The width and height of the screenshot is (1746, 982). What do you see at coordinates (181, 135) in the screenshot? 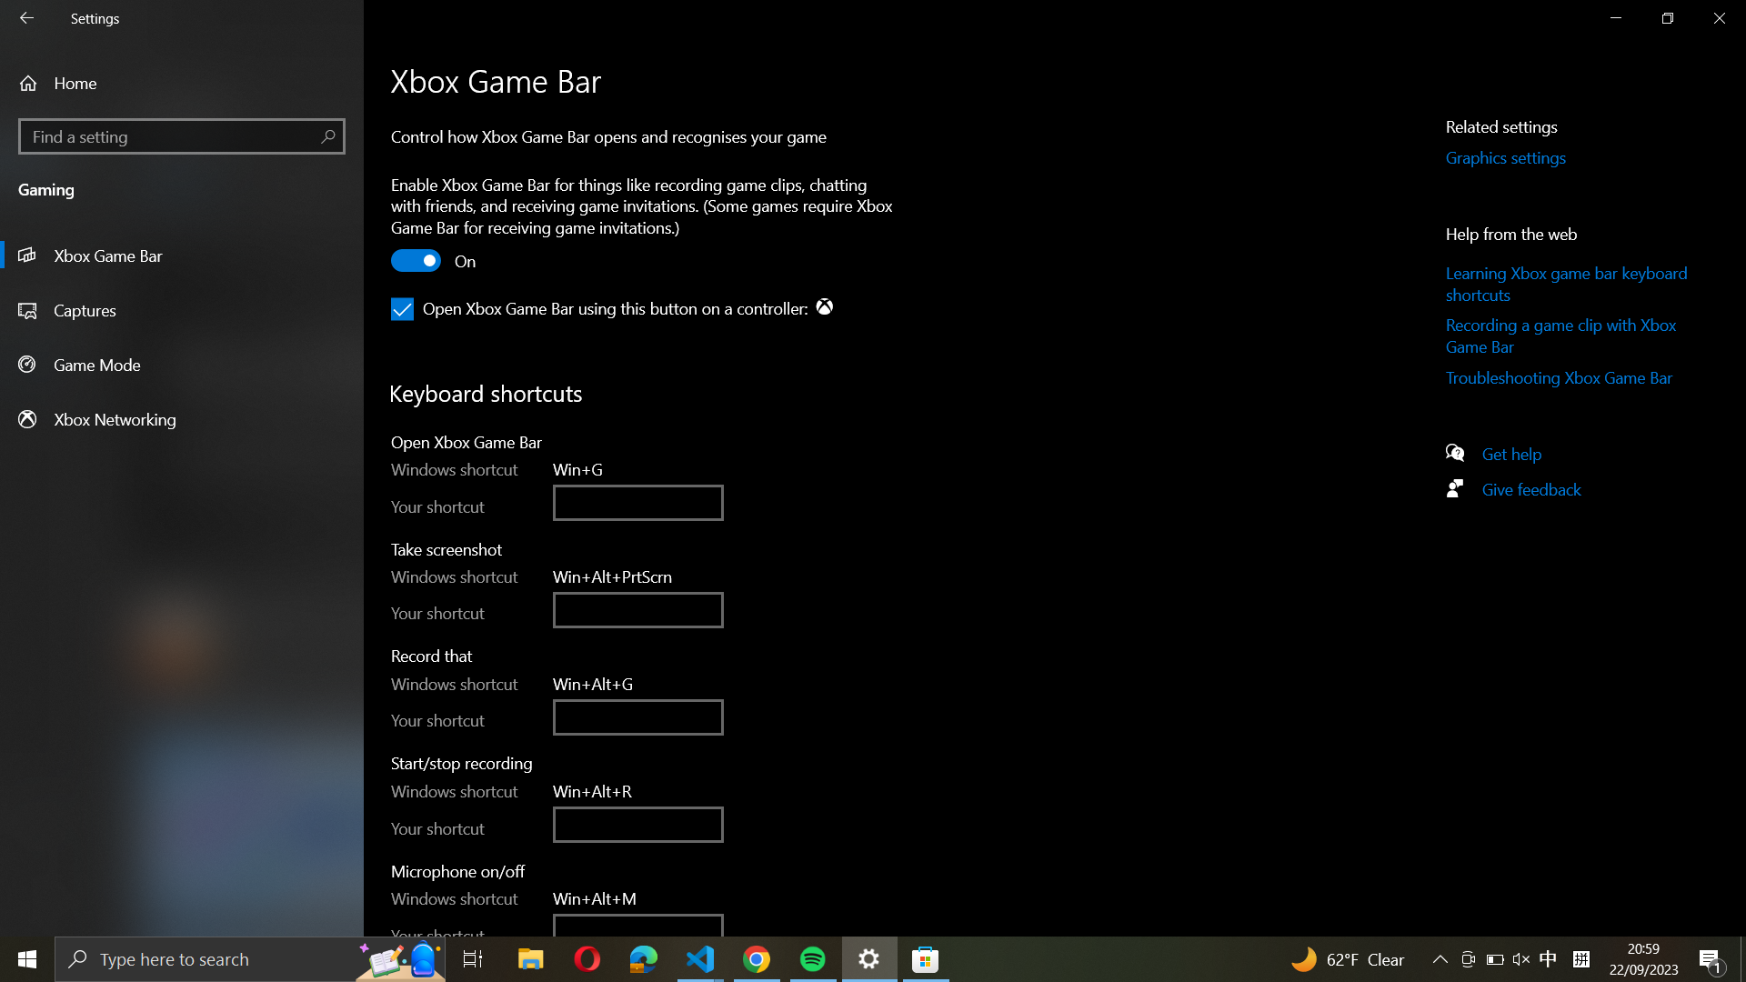
I see `the Find a Setting page` at bounding box center [181, 135].